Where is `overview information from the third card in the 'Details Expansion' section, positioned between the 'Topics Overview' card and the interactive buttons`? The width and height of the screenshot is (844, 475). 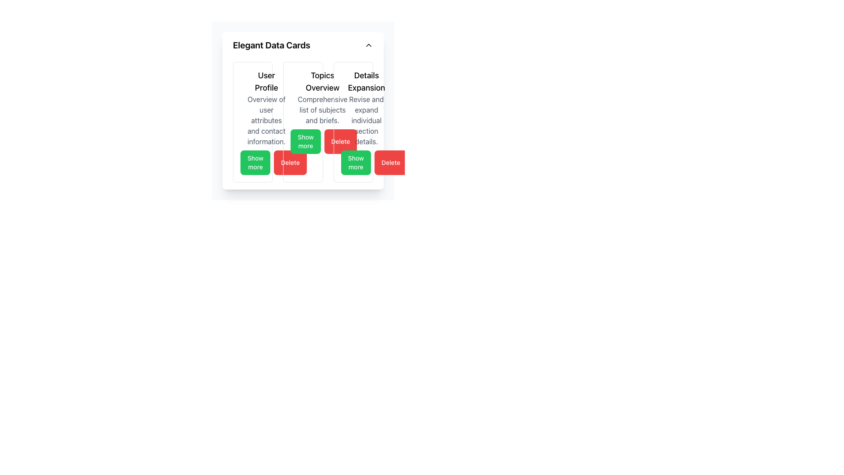
overview information from the third card in the 'Details Expansion' section, positioned between the 'Topics Overview' card and the interactive buttons is located at coordinates (353, 108).